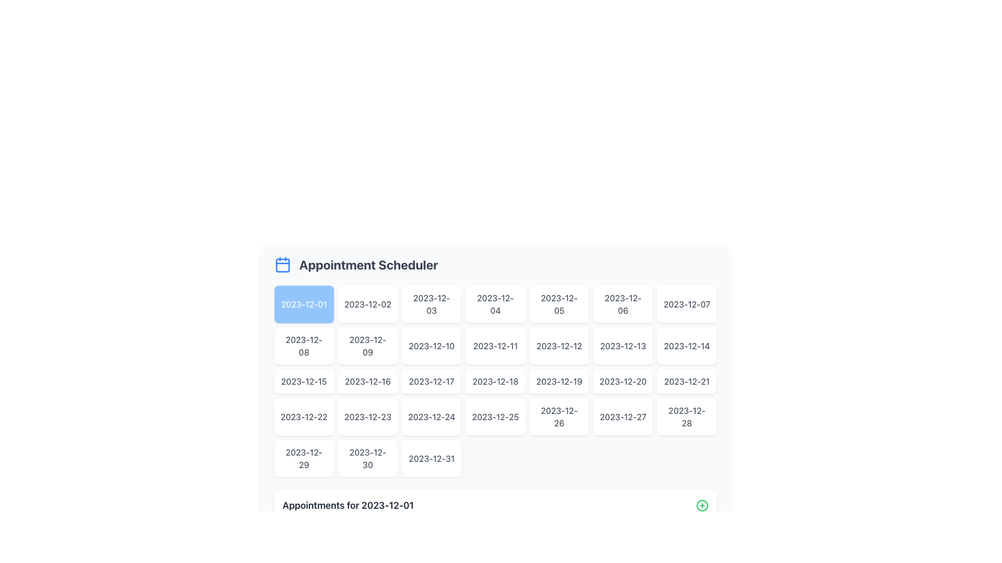  Describe the element at coordinates (303, 382) in the screenshot. I see `the button displaying the text '2023-12-15' in the Appointment Scheduler date picker` at that location.